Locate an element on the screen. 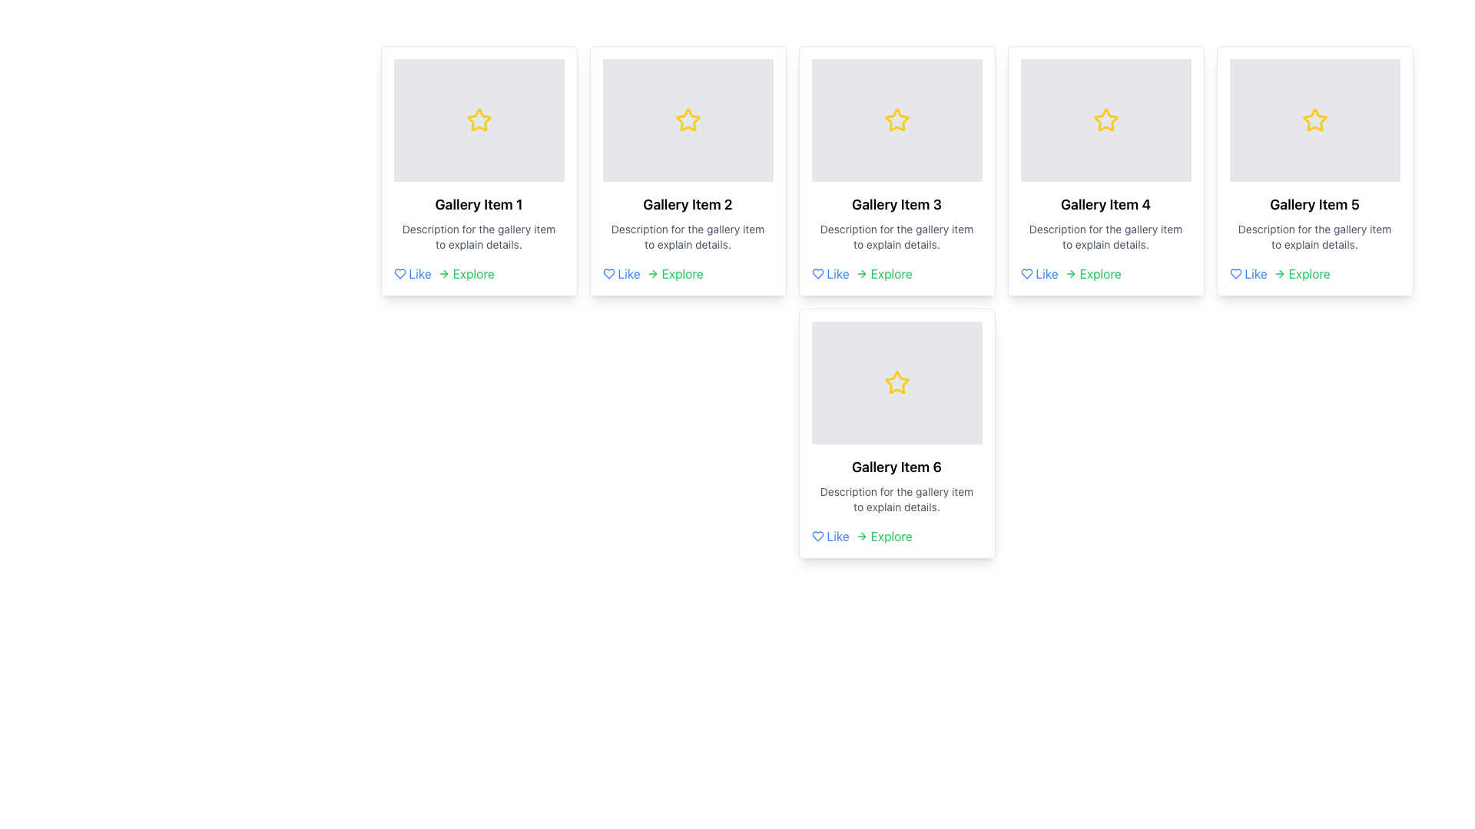 The height and width of the screenshot is (829, 1475). the interactive text label reading 'Explore' with a right-pointing arrow icon located at the bottom-right corner of the card for 'Gallery Item 5' is located at coordinates (1301, 273).